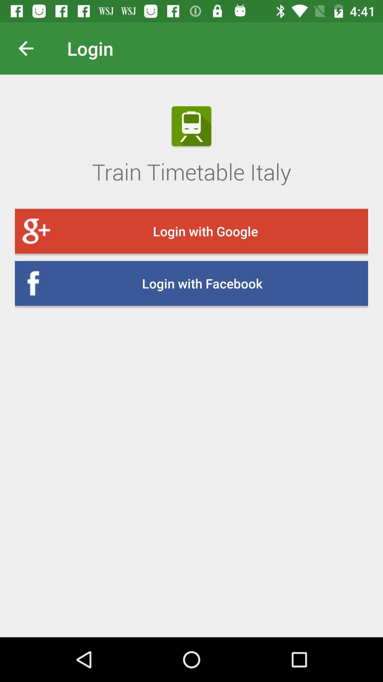 The image size is (383, 682). What do you see at coordinates (31, 48) in the screenshot?
I see `previous screen` at bounding box center [31, 48].